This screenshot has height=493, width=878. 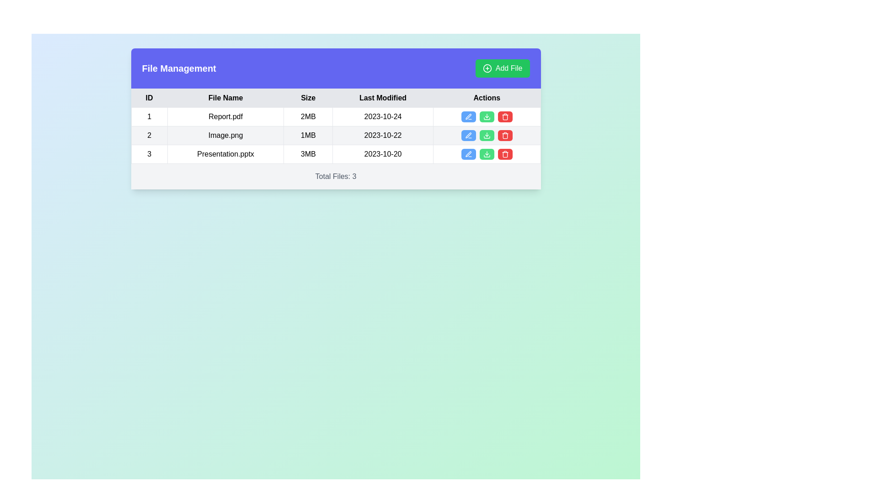 What do you see at coordinates (504, 154) in the screenshot?
I see `the Delete button with icon located in the 'Actions' column of the table, in the third row for the 'Presentation.pptx' file` at bounding box center [504, 154].